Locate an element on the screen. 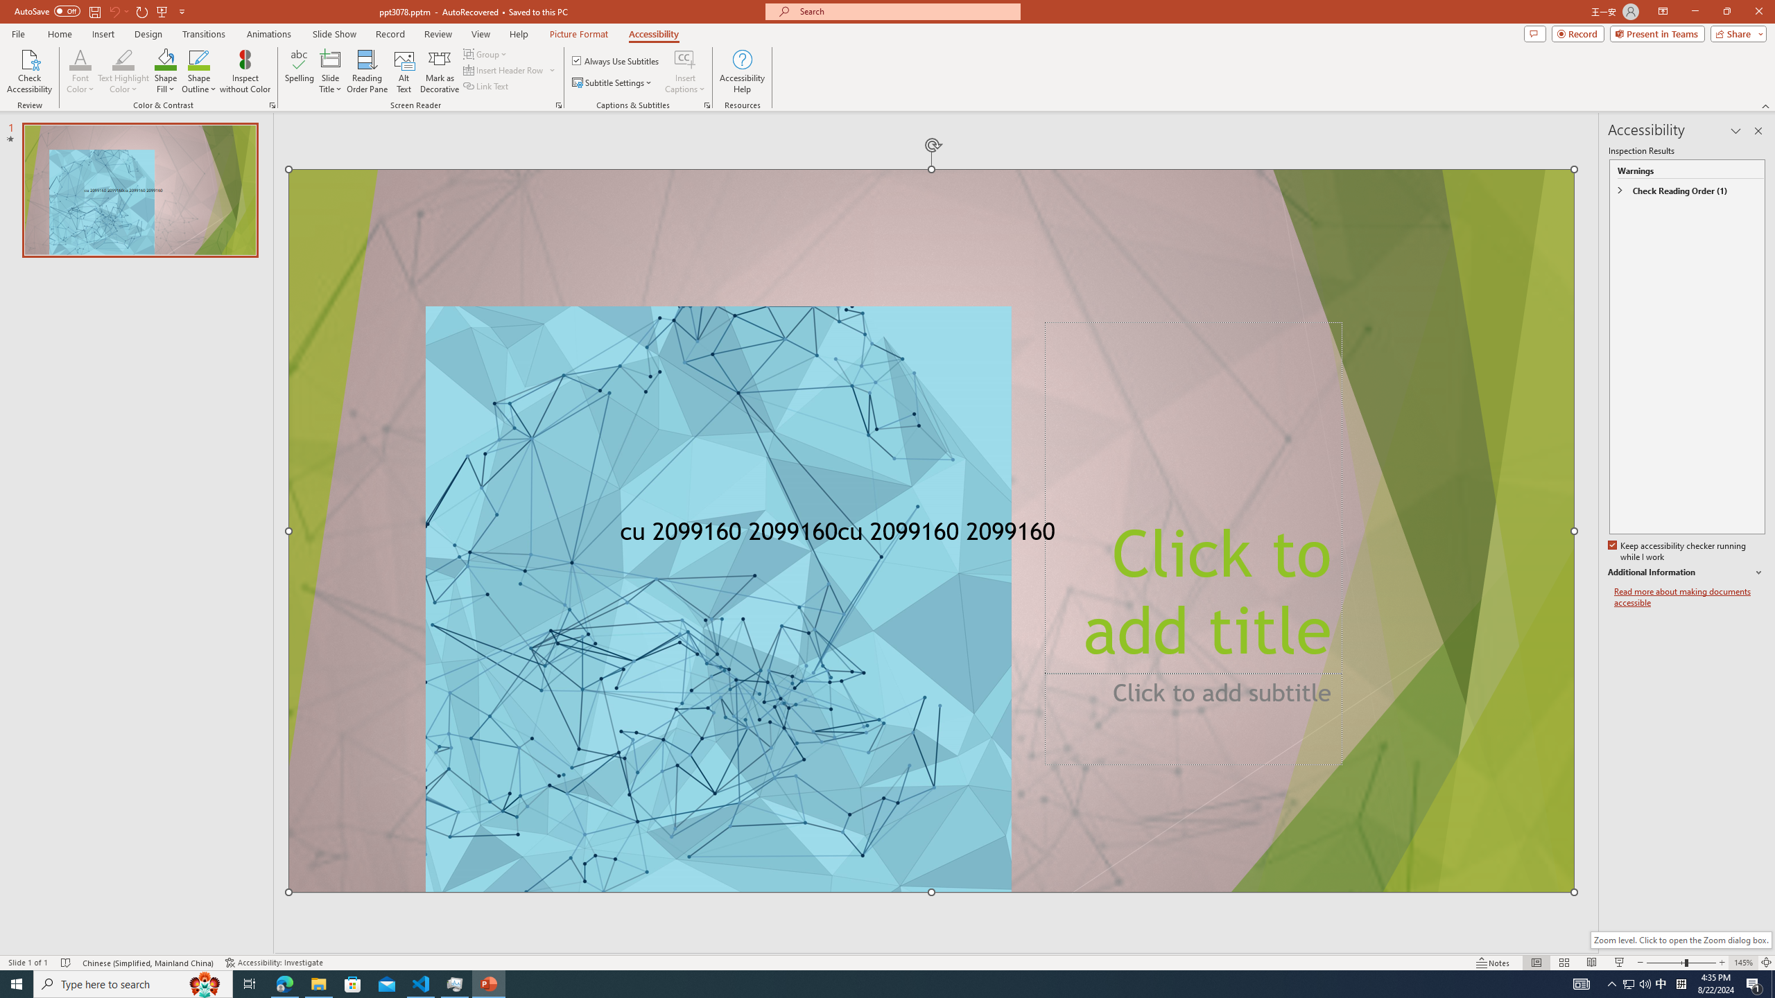 The height and width of the screenshot is (998, 1775). 'Insert Header Row' is located at coordinates (504, 69).